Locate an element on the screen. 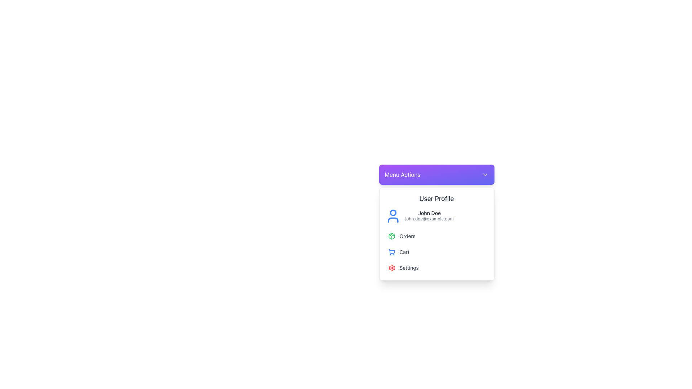 The height and width of the screenshot is (389, 692). the user profile summary card located within the 'Menu Actions' dropdown is located at coordinates (436, 234).